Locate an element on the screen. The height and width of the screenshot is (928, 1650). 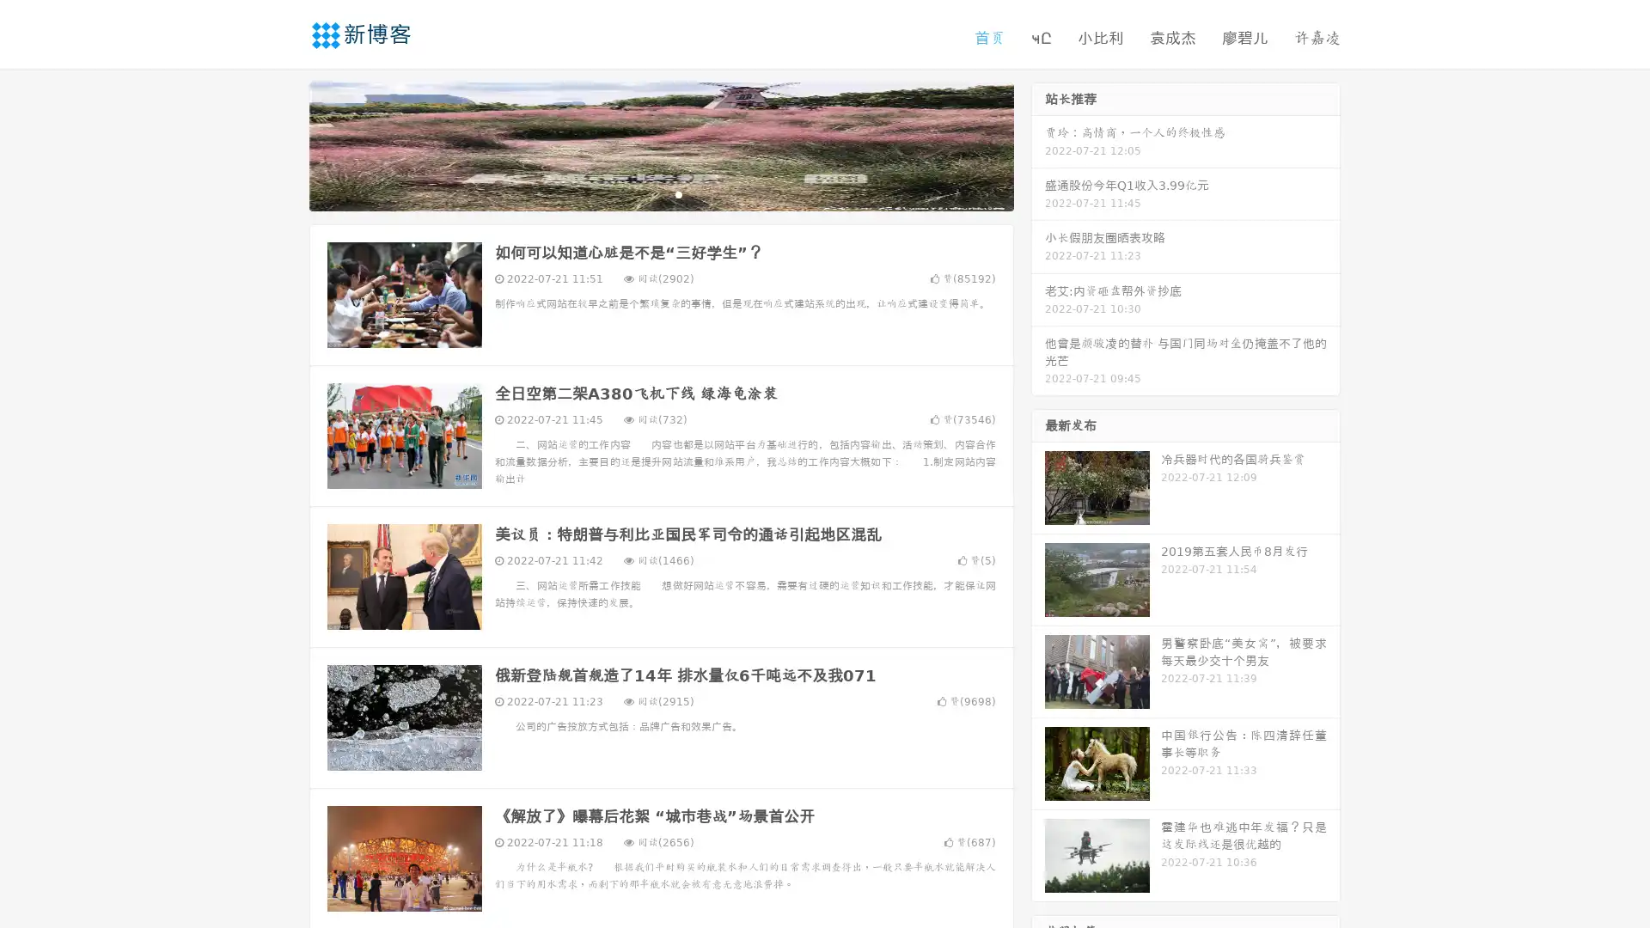
Go to slide 1 is located at coordinates (643, 193).